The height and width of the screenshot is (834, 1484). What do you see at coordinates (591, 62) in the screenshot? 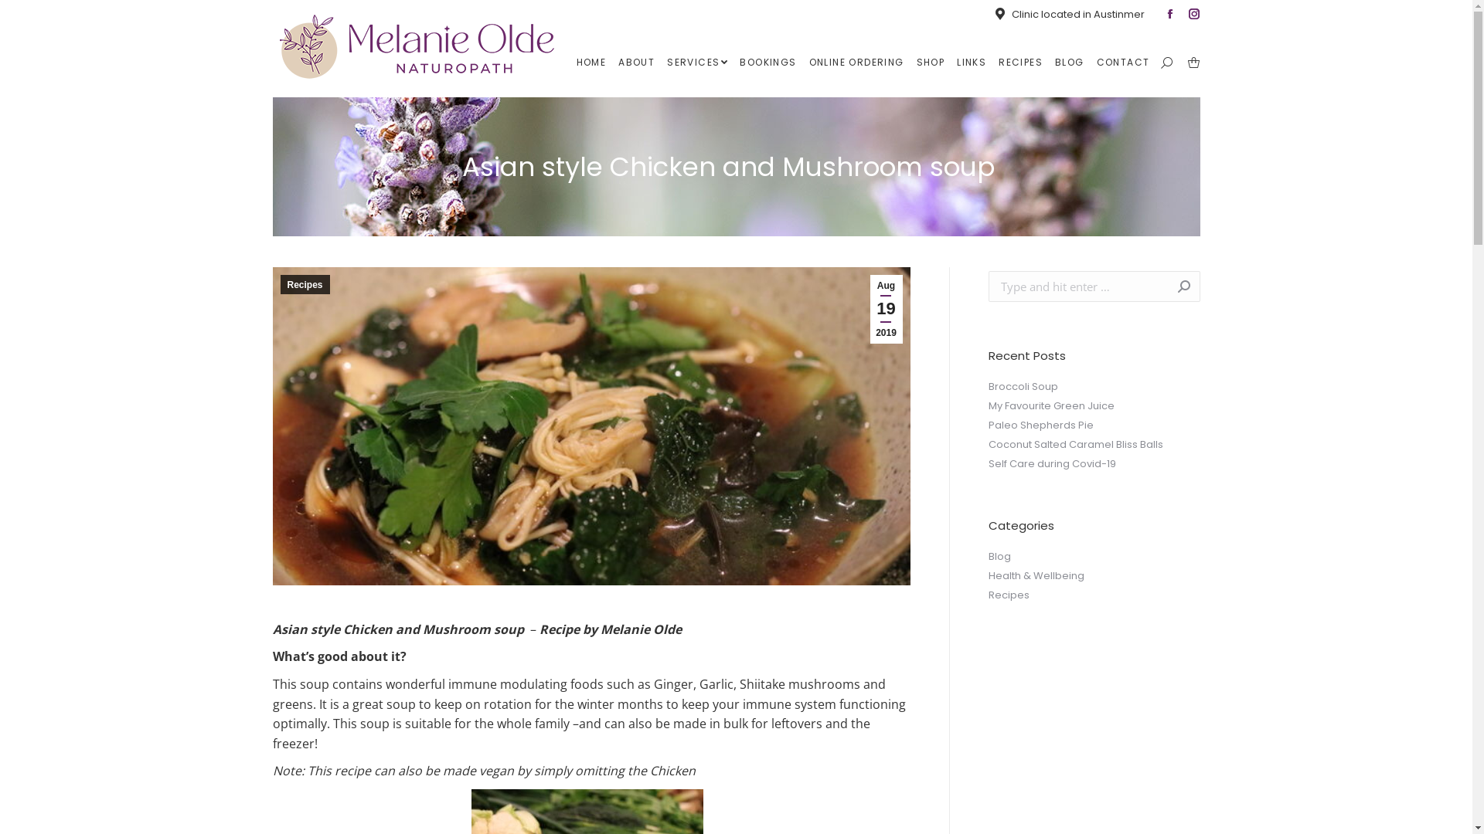
I see `'HOME'` at bounding box center [591, 62].